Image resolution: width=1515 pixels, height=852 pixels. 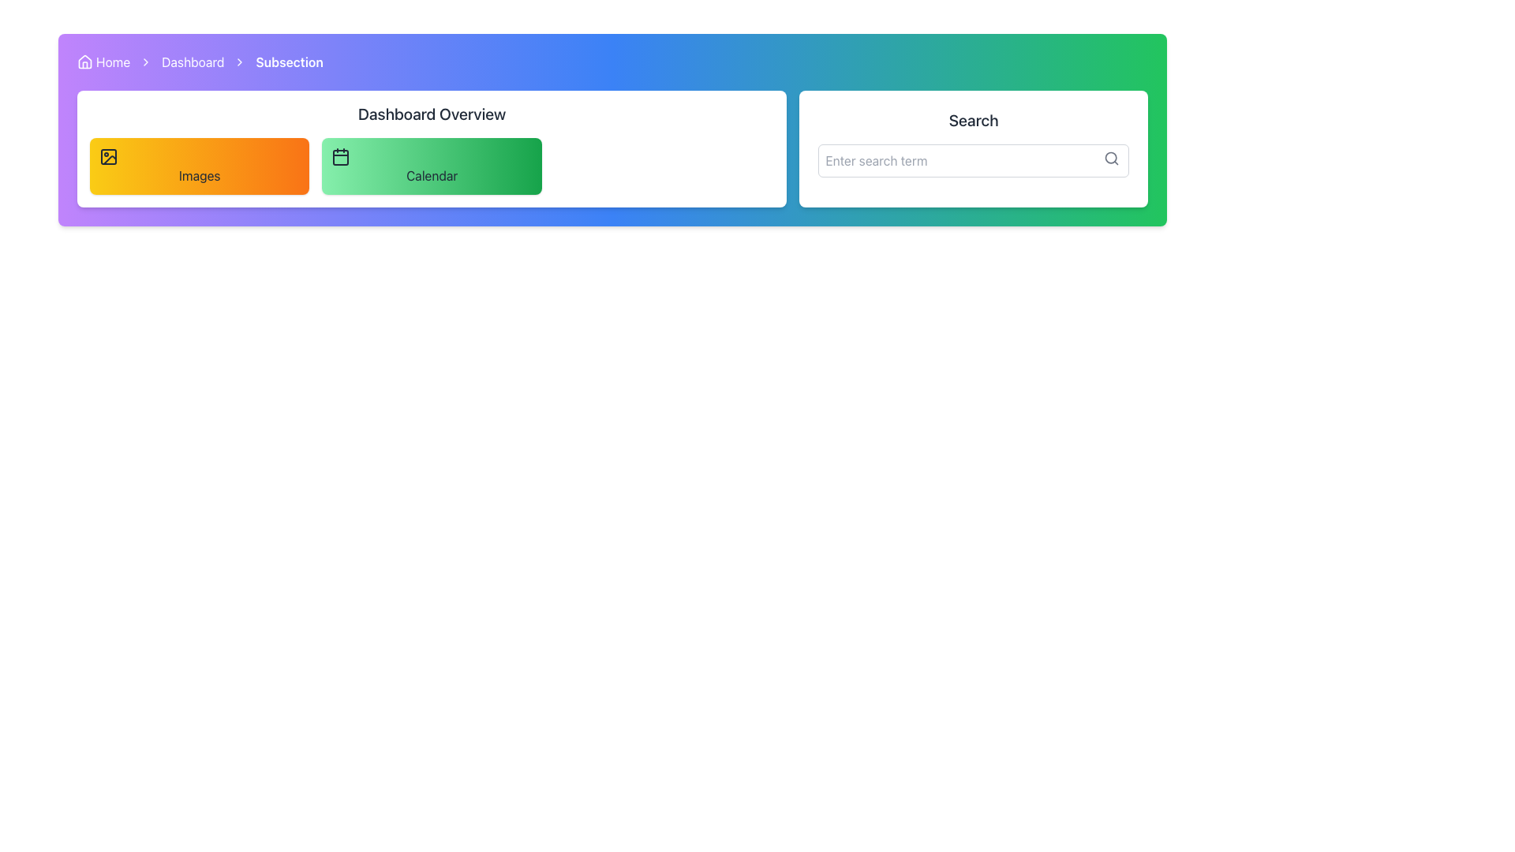 I want to click on the 'Images' button, so click(x=199, y=166).